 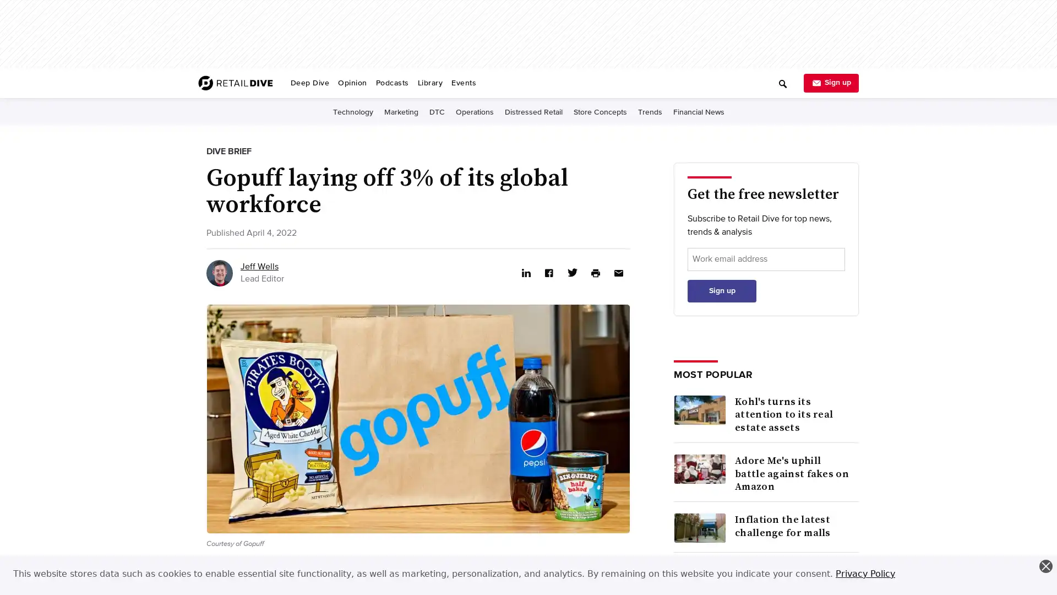 I want to click on Sign up, so click(x=831, y=82).